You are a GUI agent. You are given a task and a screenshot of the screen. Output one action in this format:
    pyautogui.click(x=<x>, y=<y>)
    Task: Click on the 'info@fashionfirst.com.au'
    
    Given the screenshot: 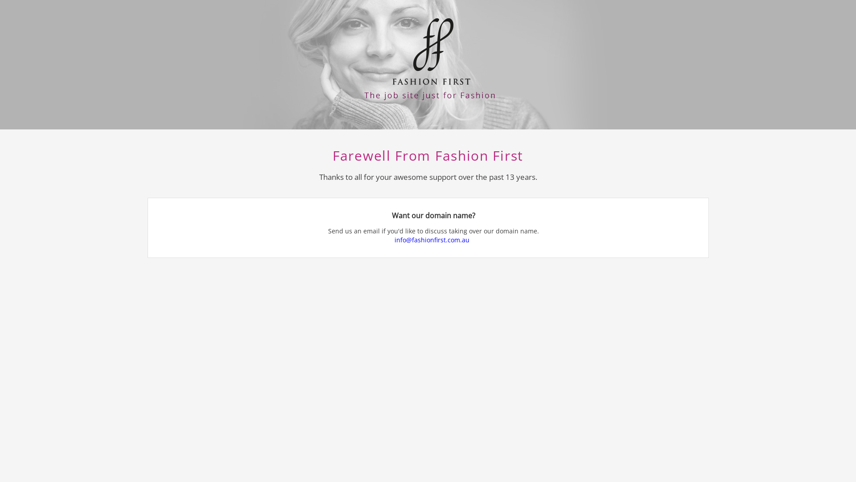 What is the action you would take?
    pyautogui.click(x=433, y=239)
    